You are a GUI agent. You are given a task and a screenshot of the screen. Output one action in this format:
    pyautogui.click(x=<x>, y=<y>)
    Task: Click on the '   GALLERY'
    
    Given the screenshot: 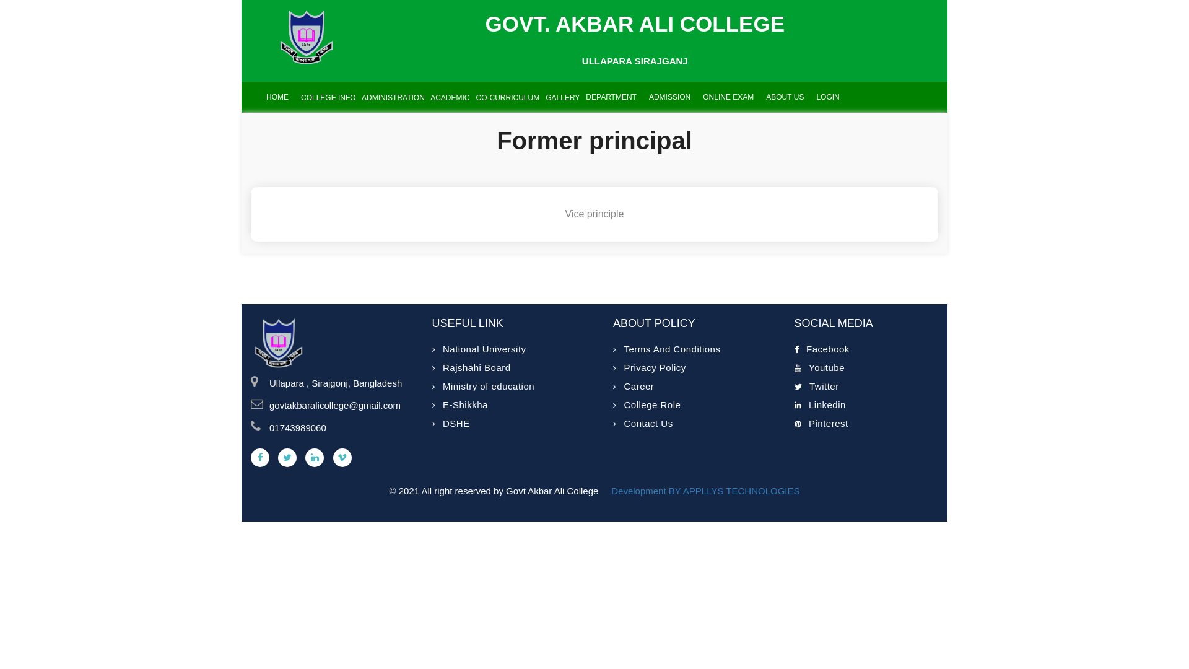 What is the action you would take?
    pyautogui.click(x=559, y=97)
    